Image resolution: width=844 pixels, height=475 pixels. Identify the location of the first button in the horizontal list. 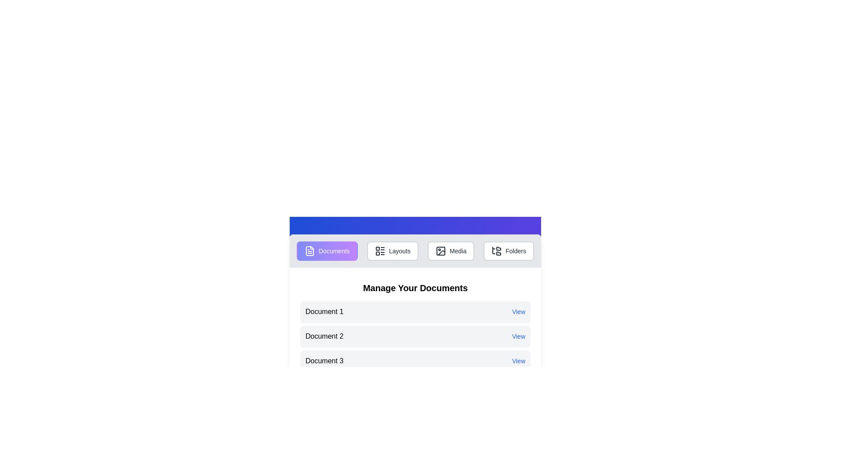
(327, 251).